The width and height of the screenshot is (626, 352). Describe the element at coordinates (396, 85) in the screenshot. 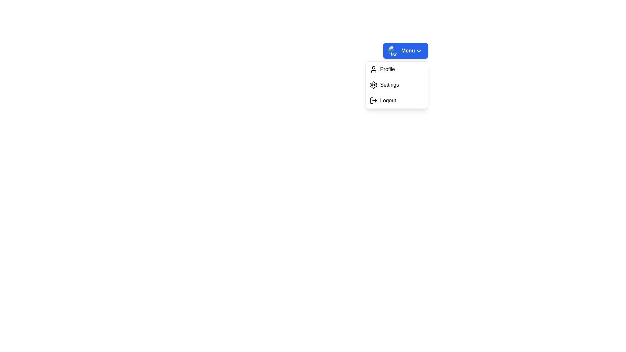

I see `the 'Settings' option in the dropdown menu` at that location.